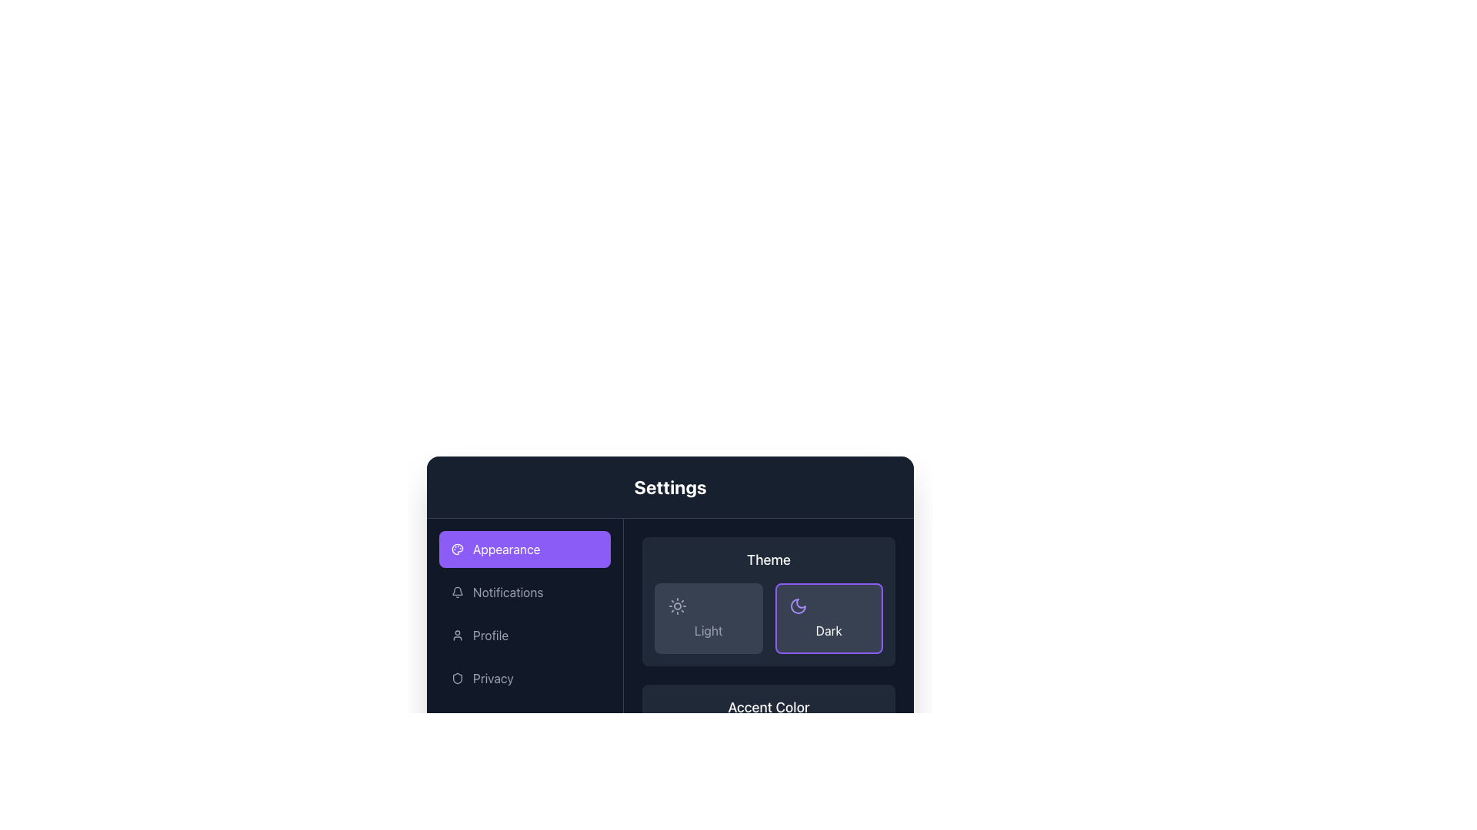  Describe the element at coordinates (708, 618) in the screenshot. I see `the 'Light' theme toggle button located in the 'Theme' selection box on the right-hand side of the 'Settings' interface` at that location.